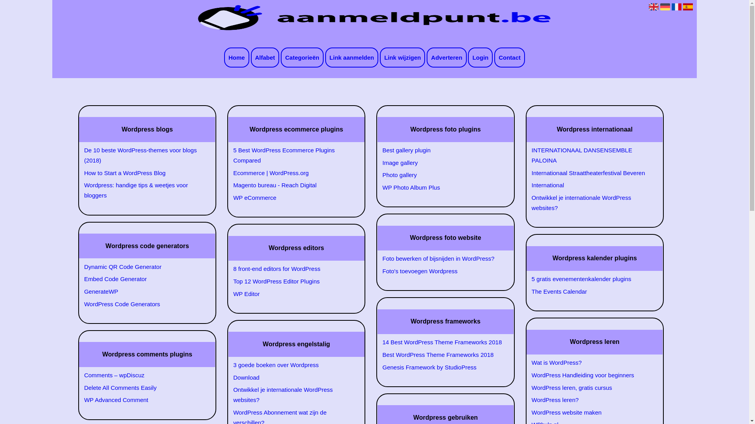 The width and height of the screenshot is (755, 424). What do you see at coordinates (291, 281) in the screenshot?
I see `'Top 12 WordPress Editor Plugins'` at bounding box center [291, 281].